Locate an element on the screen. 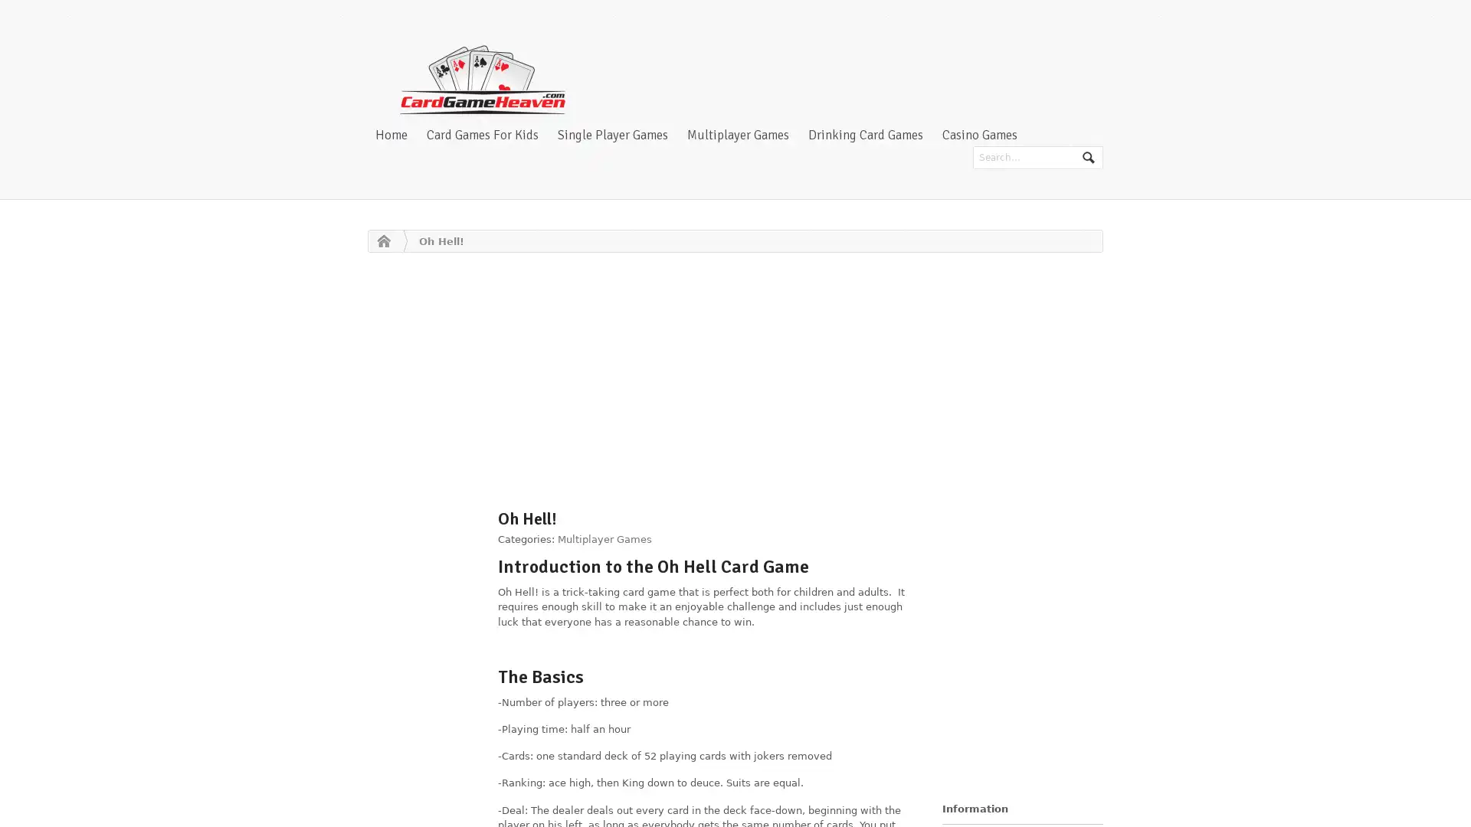 Image resolution: width=1471 pixels, height=827 pixels. Submit is located at coordinates (1087, 156).